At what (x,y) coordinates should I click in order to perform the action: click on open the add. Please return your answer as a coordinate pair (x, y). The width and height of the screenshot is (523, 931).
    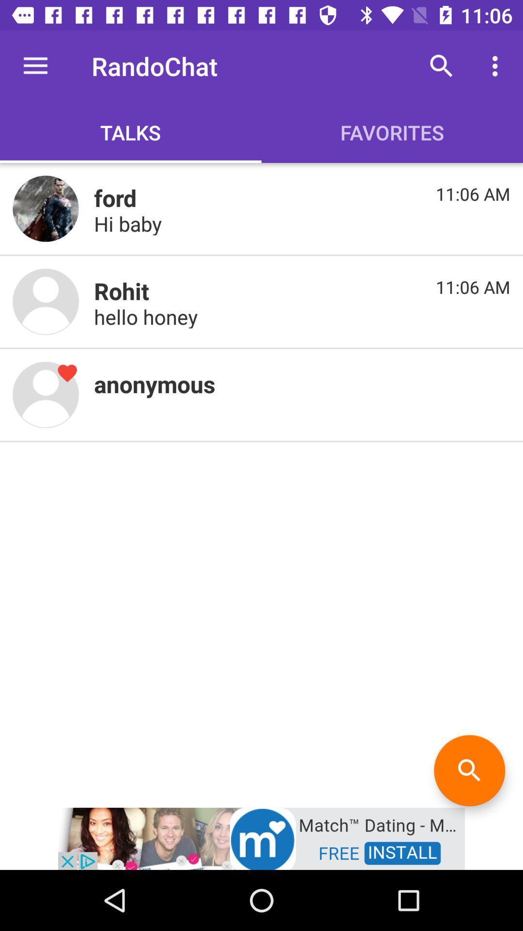
    Looking at the image, I should click on (261, 837).